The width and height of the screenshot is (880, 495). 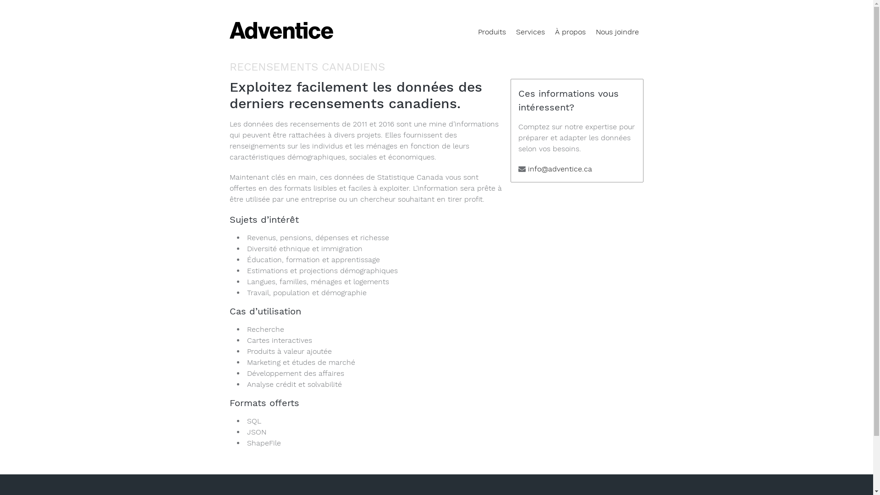 I want to click on 'info@adventice.ca', so click(x=528, y=169).